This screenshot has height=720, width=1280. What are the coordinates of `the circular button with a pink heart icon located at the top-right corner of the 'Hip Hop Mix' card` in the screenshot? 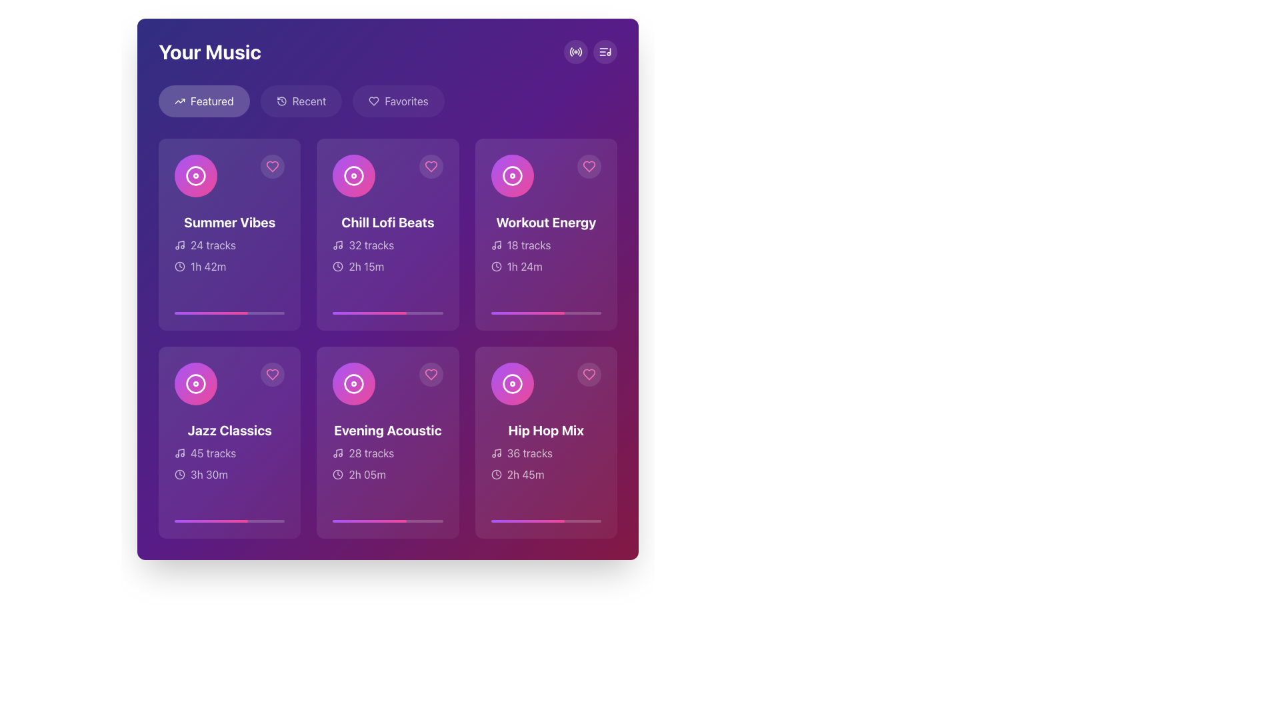 It's located at (588, 375).